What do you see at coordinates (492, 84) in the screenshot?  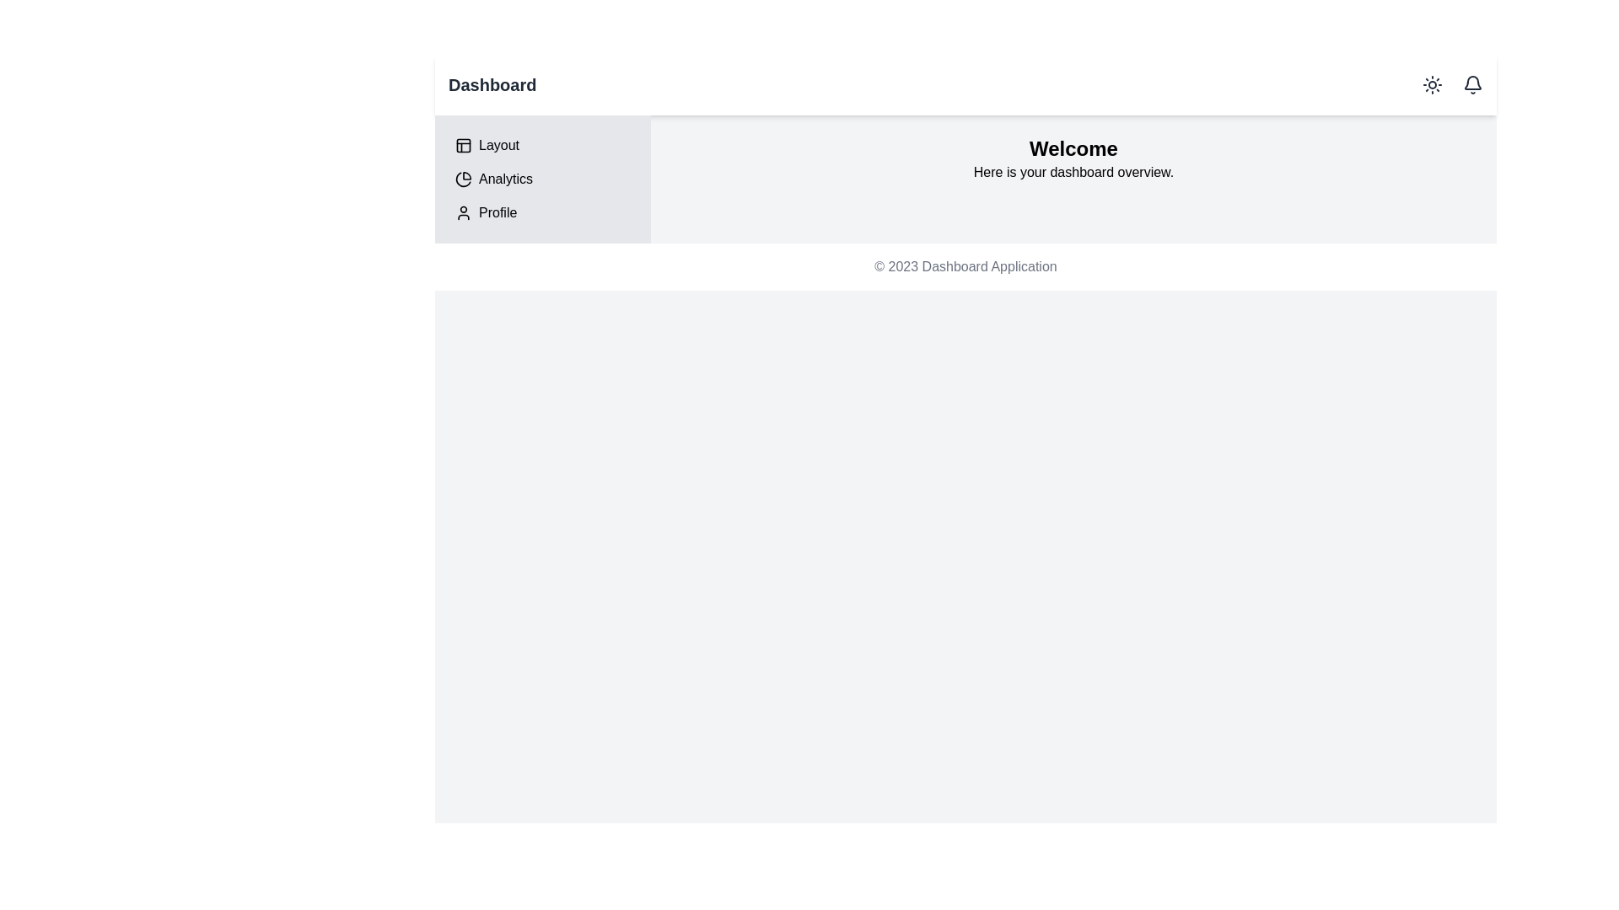 I see `the 'Dashboard' text header located in the top bar of the application interface, prominently styled in bold and large font` at bounding box center [492, 84].